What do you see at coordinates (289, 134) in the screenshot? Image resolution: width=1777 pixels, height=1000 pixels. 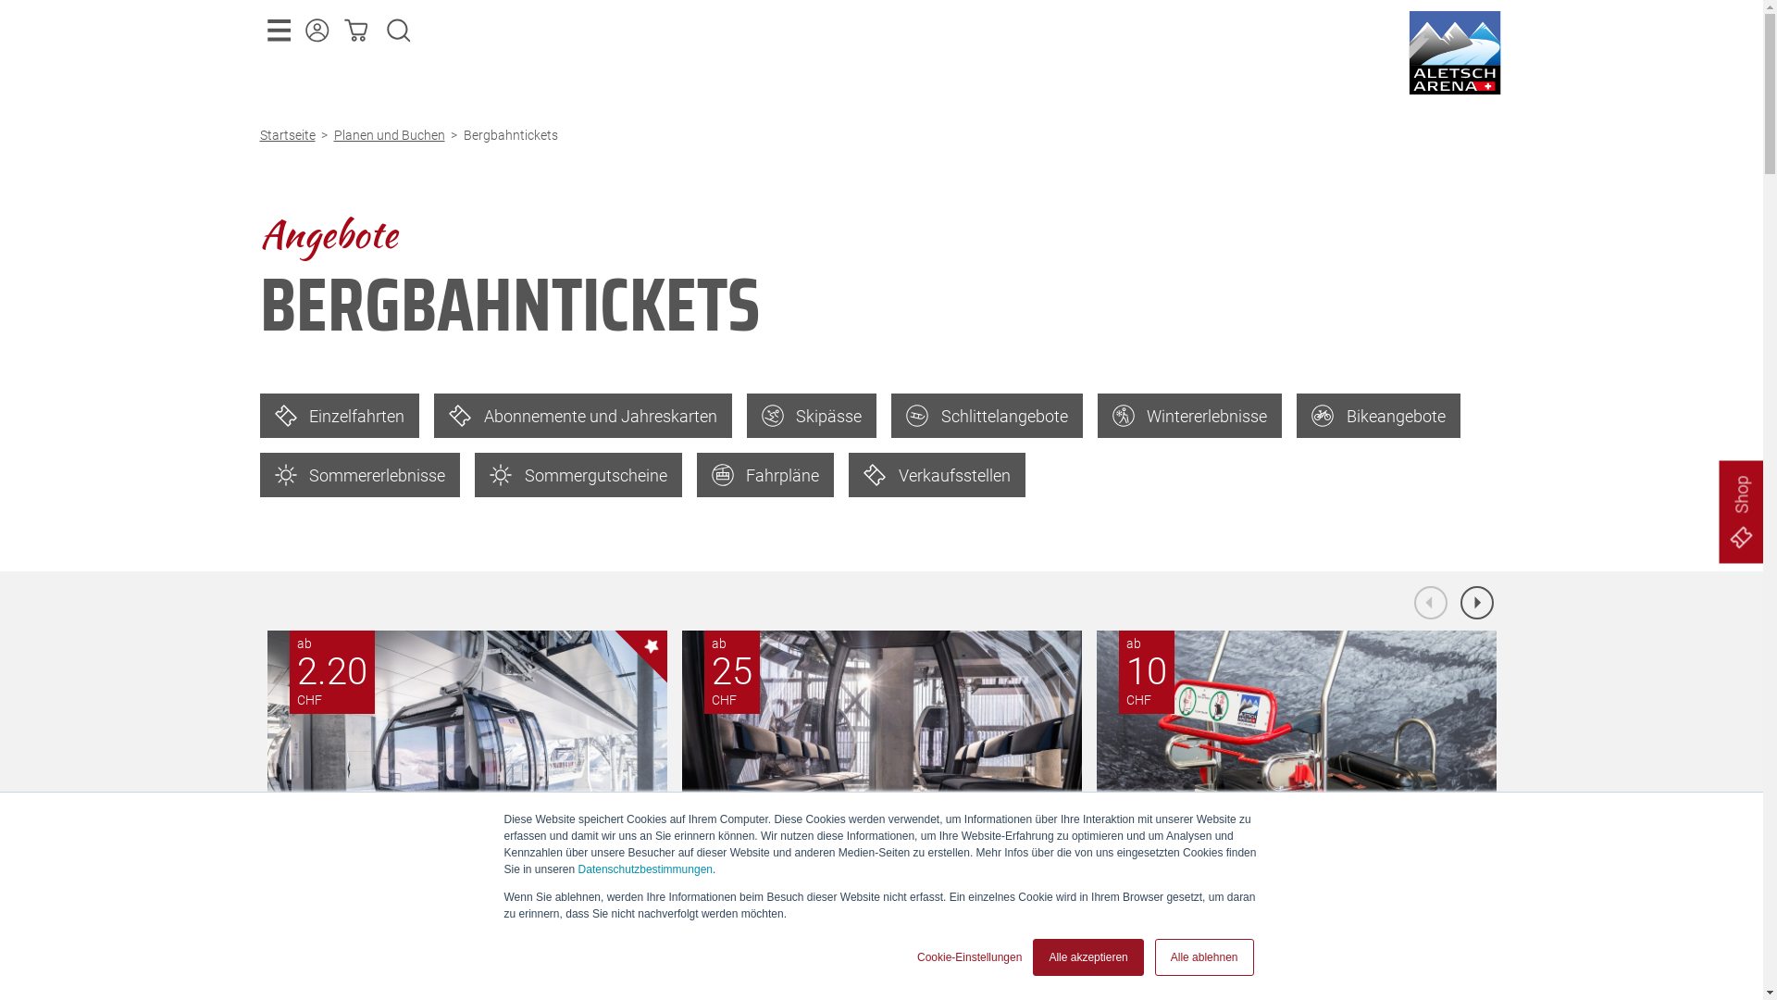 I see `'Startseite'` at bounding box center [289, 134].